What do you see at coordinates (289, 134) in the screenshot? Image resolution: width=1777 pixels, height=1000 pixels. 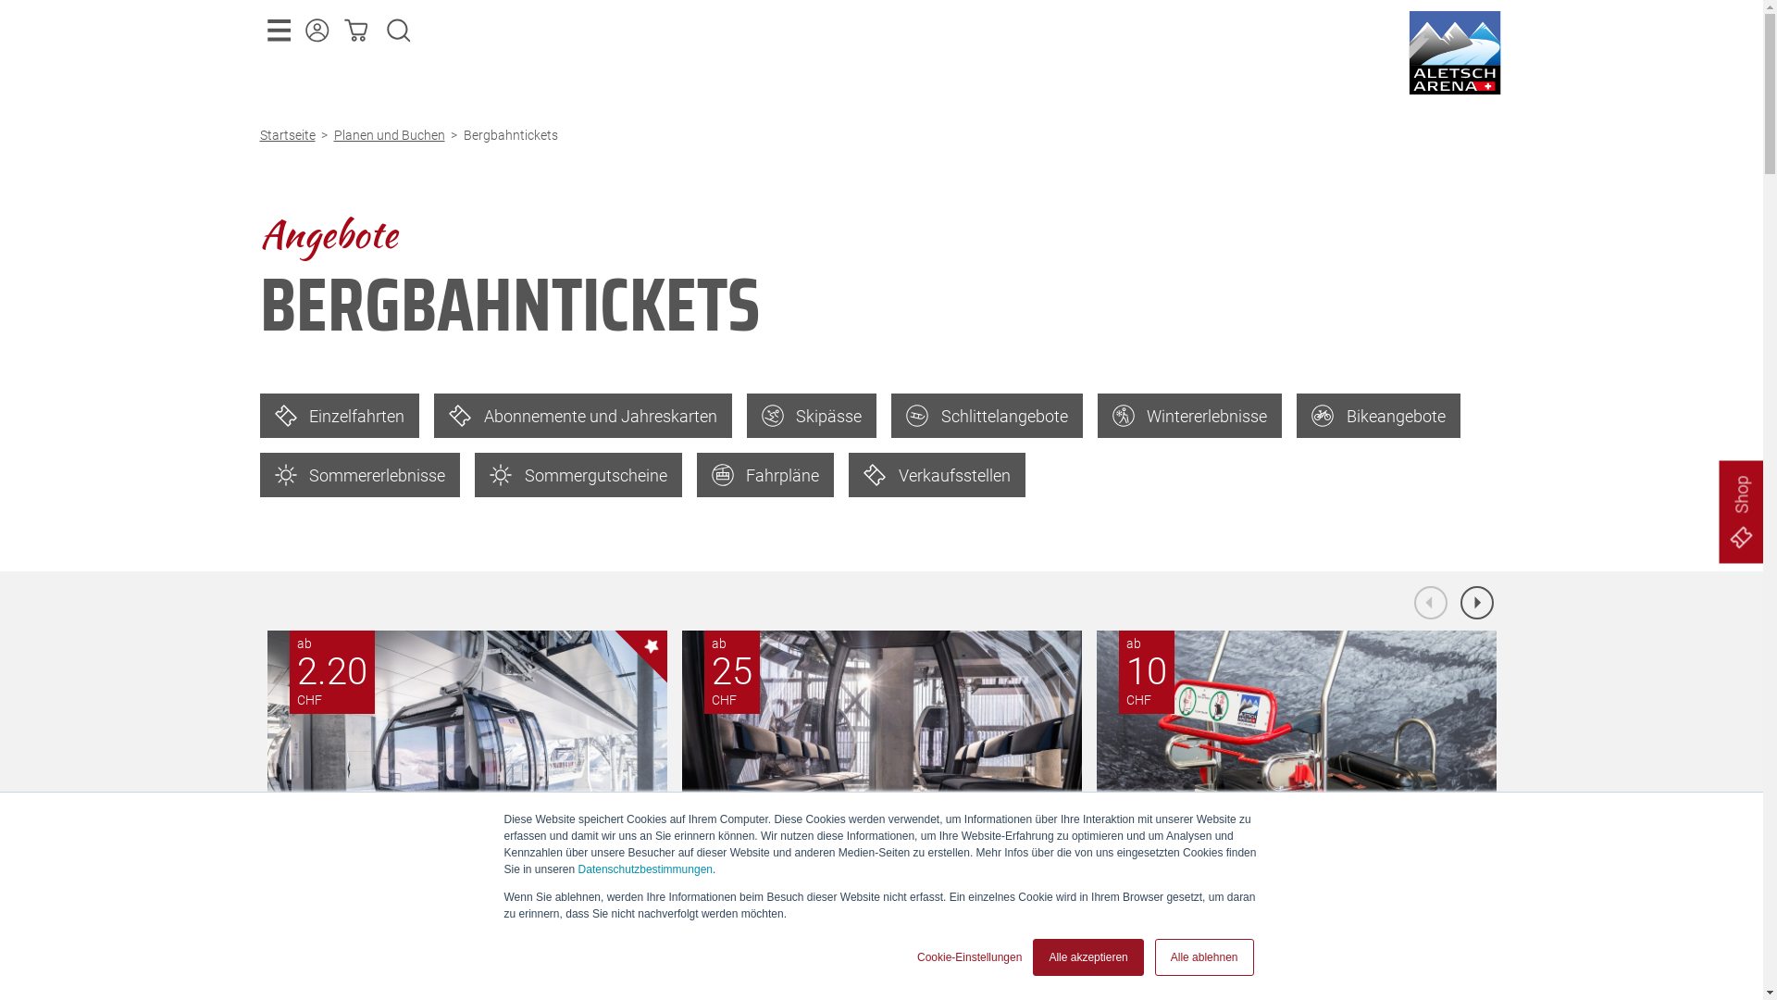 I see `'Startseite'` at bounding box center [289, 134].